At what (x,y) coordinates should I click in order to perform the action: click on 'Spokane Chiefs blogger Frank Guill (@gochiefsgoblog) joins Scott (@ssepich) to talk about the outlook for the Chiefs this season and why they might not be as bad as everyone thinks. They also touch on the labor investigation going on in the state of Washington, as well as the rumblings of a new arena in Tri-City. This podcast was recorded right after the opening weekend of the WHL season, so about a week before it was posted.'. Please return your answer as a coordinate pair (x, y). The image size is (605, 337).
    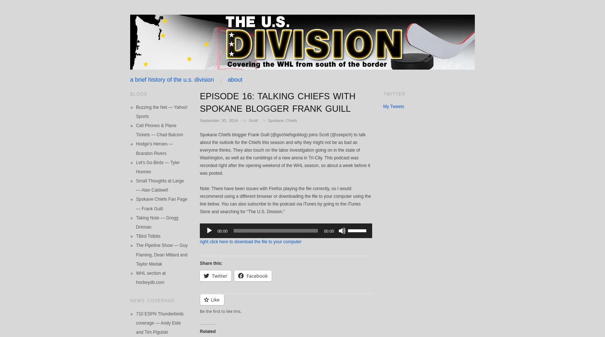
    Looking at the image, I should click on (284, 153).